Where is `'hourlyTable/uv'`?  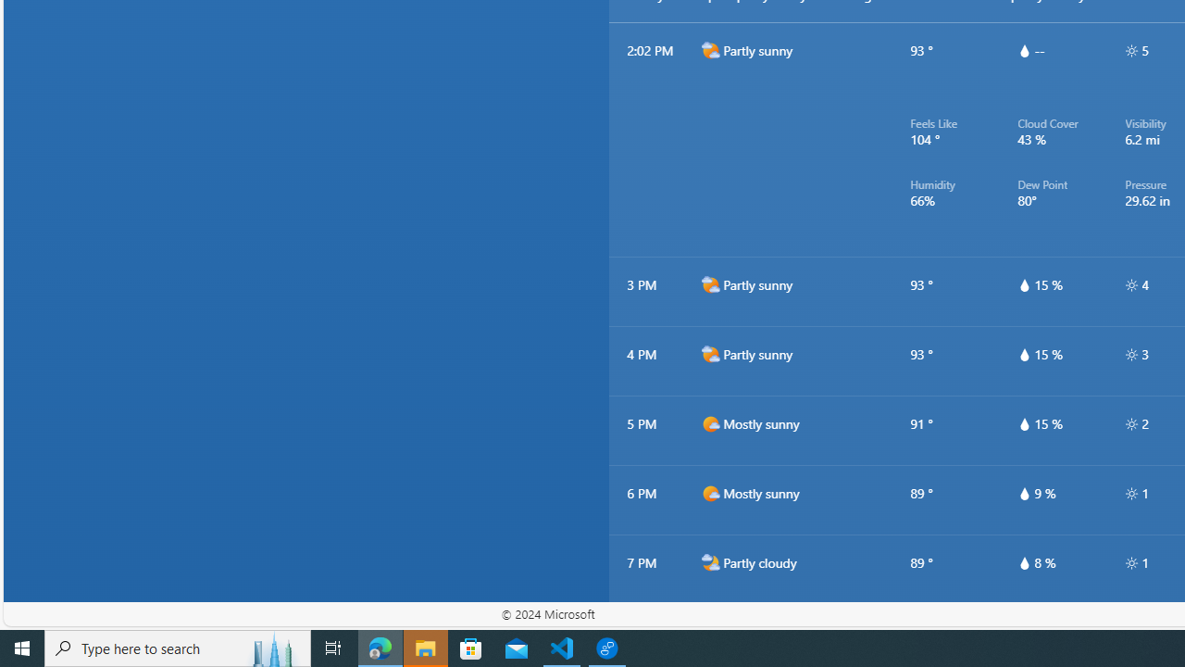
'hourlyTable/uv' is located at coordinates (1130, 562).